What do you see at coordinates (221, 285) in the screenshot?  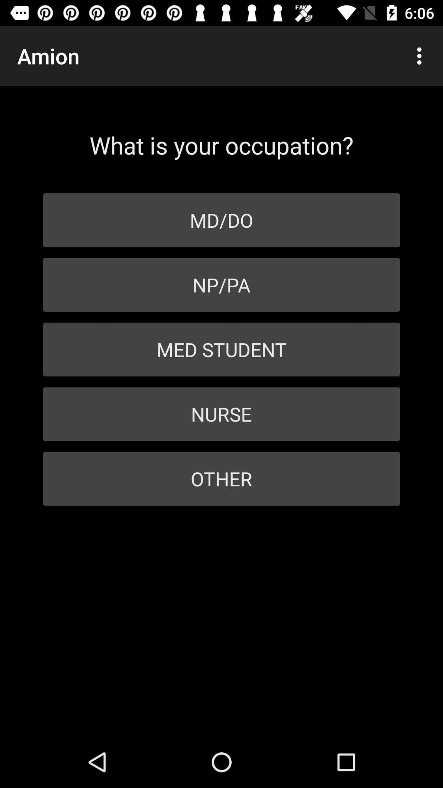 I see `the item below the md/do` at bounding box center [221, 285].